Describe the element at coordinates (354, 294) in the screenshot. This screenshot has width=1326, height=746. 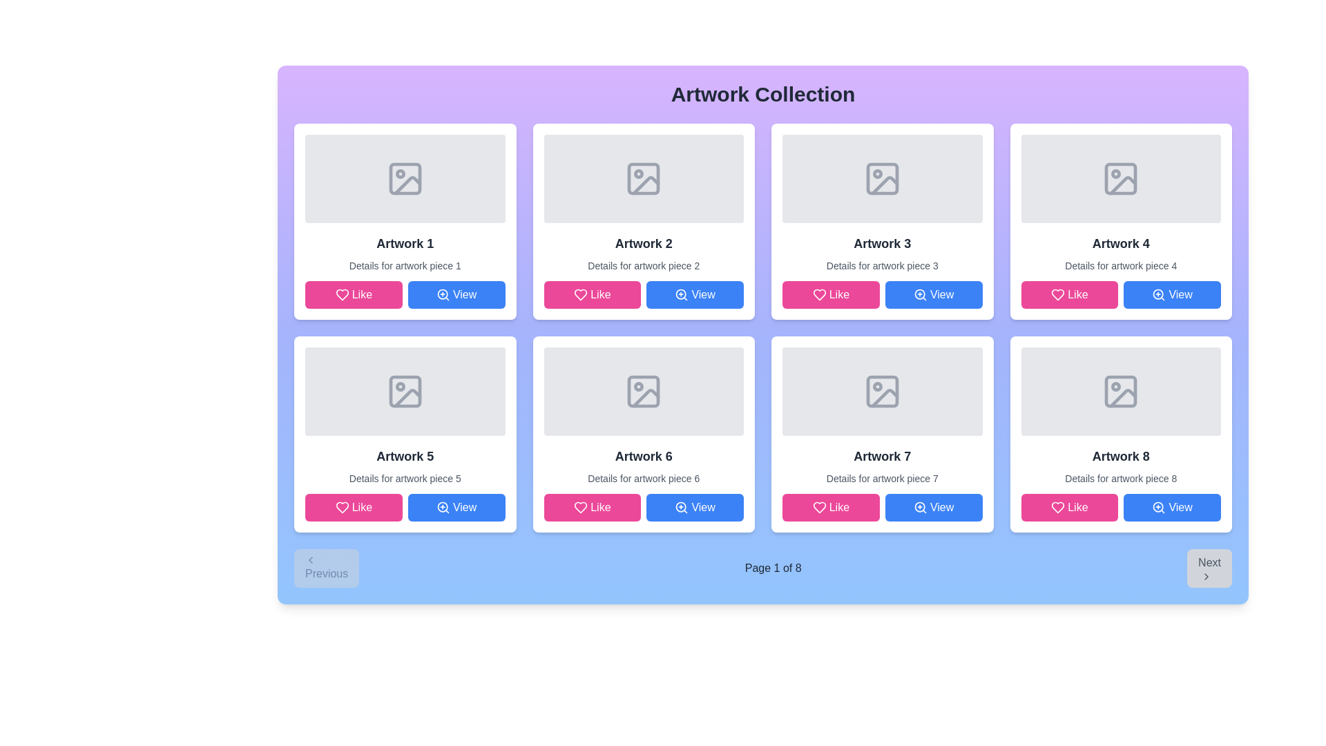
I see `the 'Like' button, which is a rounded rectangular button filled with a pink background and labeled with the text 'Like' next to a heart icon, located below the image and text content for 'Artwork 1'` at that location.